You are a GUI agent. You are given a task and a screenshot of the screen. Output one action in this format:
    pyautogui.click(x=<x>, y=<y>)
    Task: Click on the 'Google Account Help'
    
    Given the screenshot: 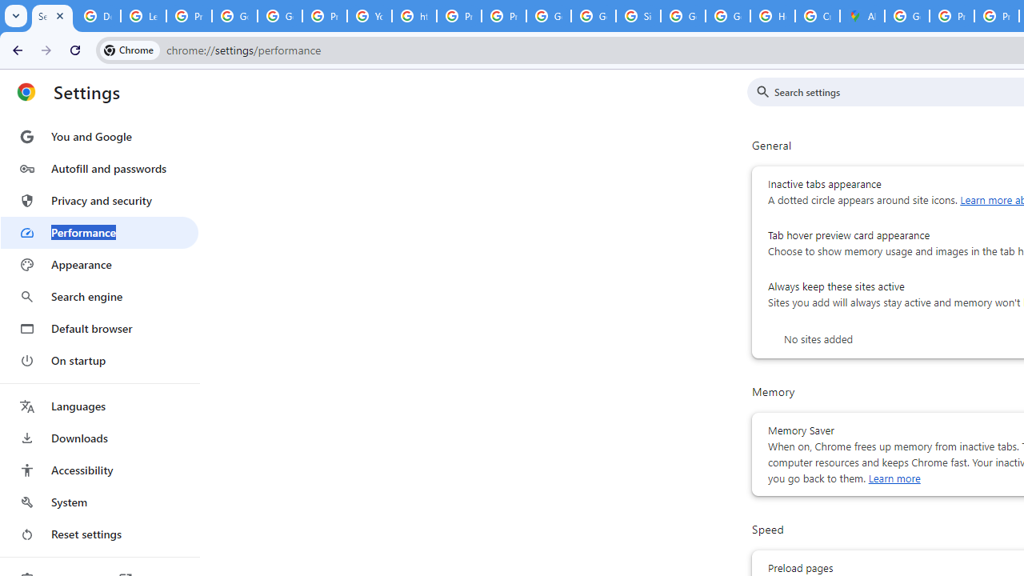 What is the action you would take?
    pyautogui.click(x=234, y=16)
    